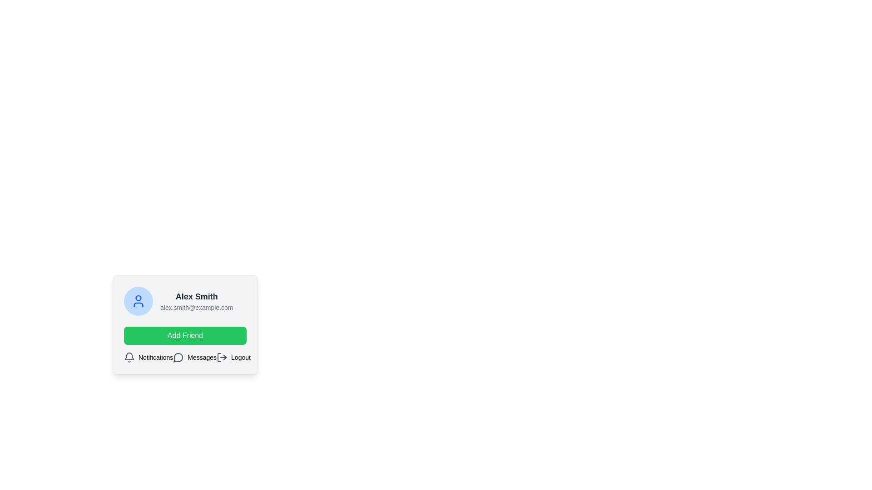 The width and height of the screenshot is (872, 490). I want to click on the static text display component that presents the user's email address, located directly below the text 'Alex Smith' in the top-left region of the profile details card, so click(196, 307).